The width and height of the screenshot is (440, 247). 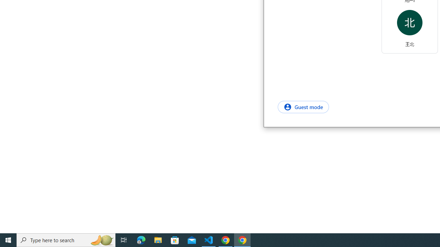 I want to click on 'Microsoft Edge', so click(x=141, y=239).